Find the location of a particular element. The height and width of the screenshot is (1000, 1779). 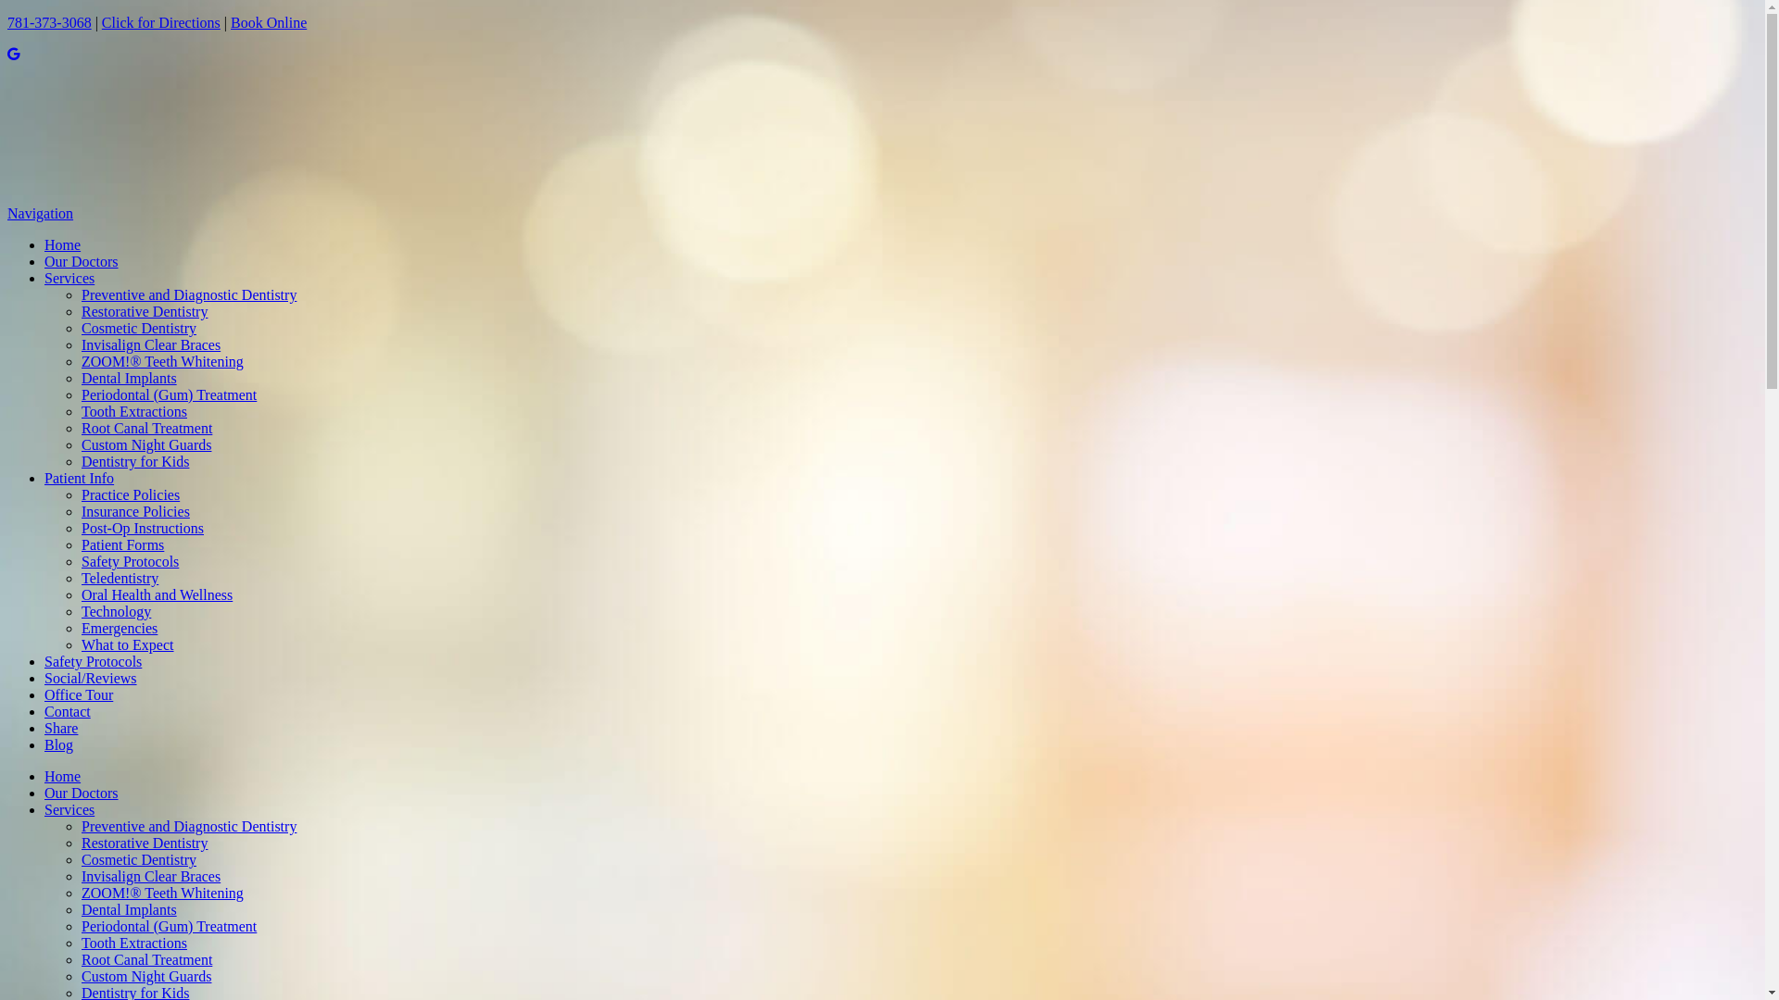

'What to Expect' is located at coordinates (127, 644).